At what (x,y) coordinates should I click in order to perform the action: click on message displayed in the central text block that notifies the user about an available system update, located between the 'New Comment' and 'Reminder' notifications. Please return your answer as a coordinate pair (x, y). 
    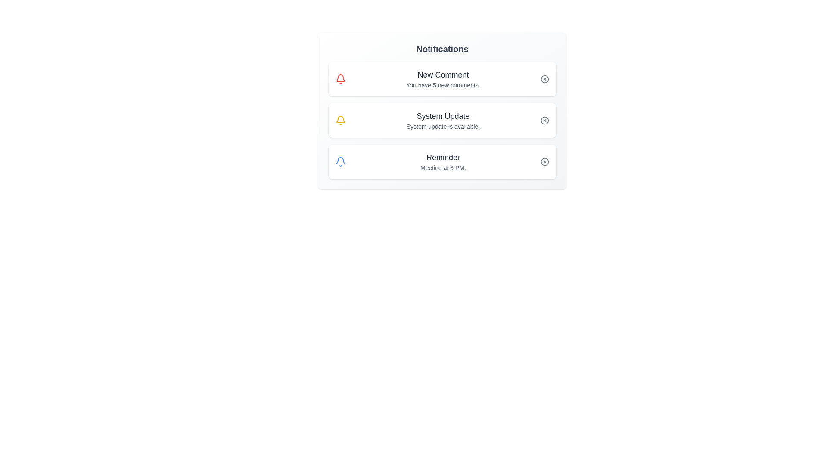
    Looking at the image, I should click on (443, 121).